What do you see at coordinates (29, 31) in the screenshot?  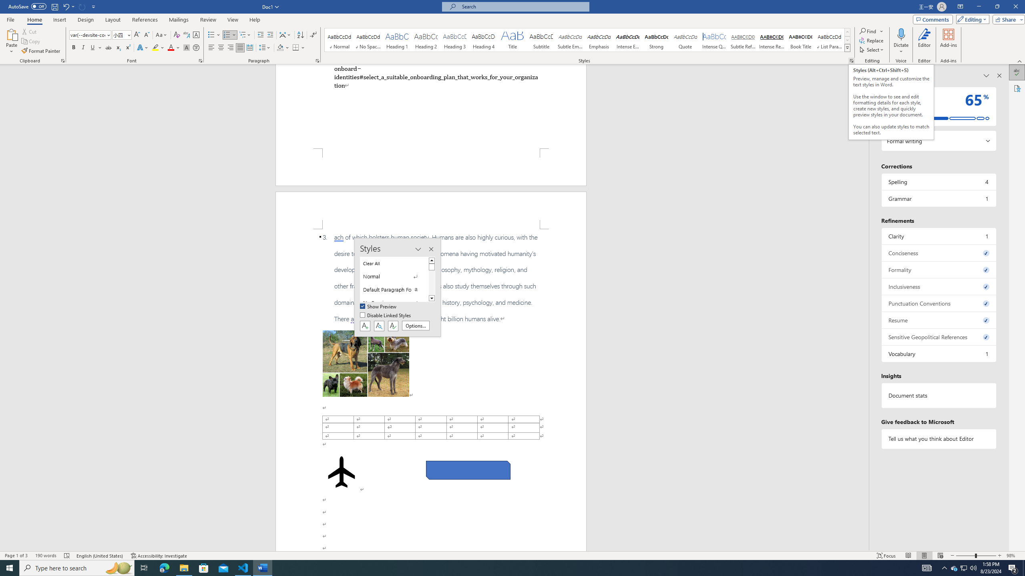 I see `'Cut'` at bounding box center [29, 31].